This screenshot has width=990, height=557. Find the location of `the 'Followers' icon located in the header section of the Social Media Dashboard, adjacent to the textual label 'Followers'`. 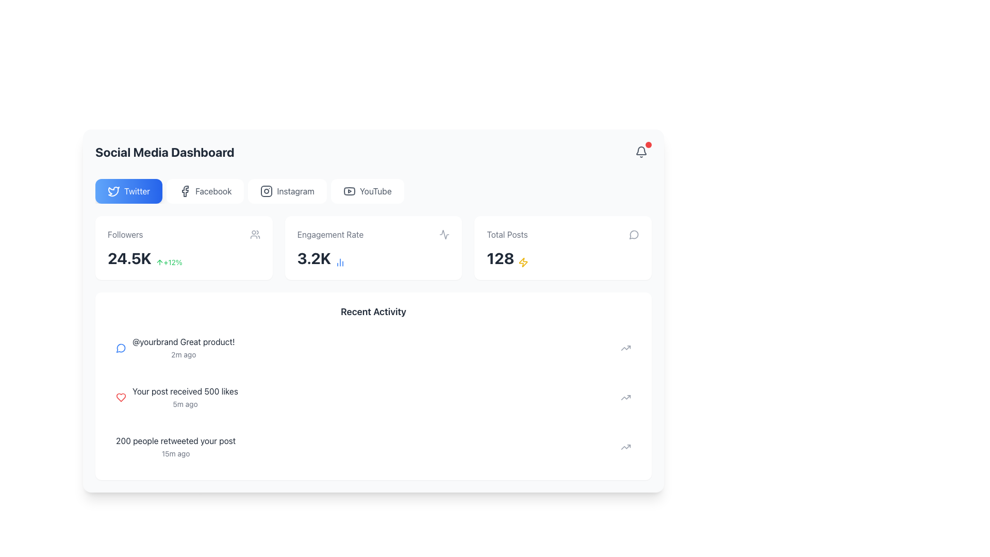

the 'Followers' icon located in the header section of the Social Media Dashboard, adjacent to the textual label 'Followers' is located at coordinates (255, 235).